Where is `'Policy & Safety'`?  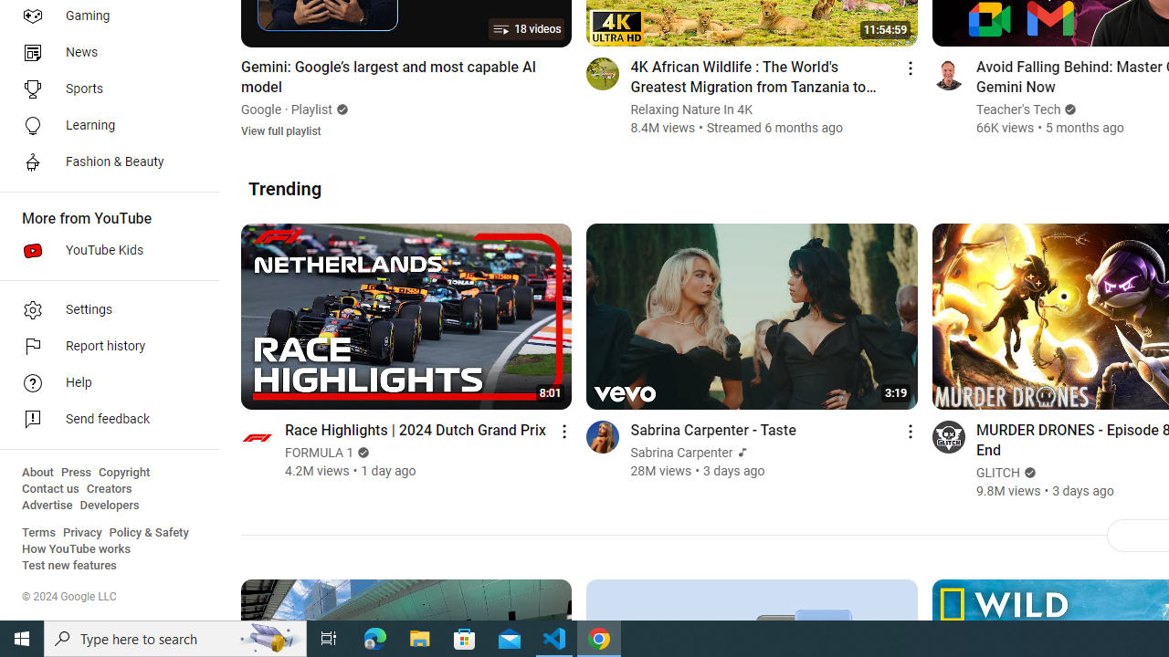 'Policy & Safety' is located at coordinates (149, 533).